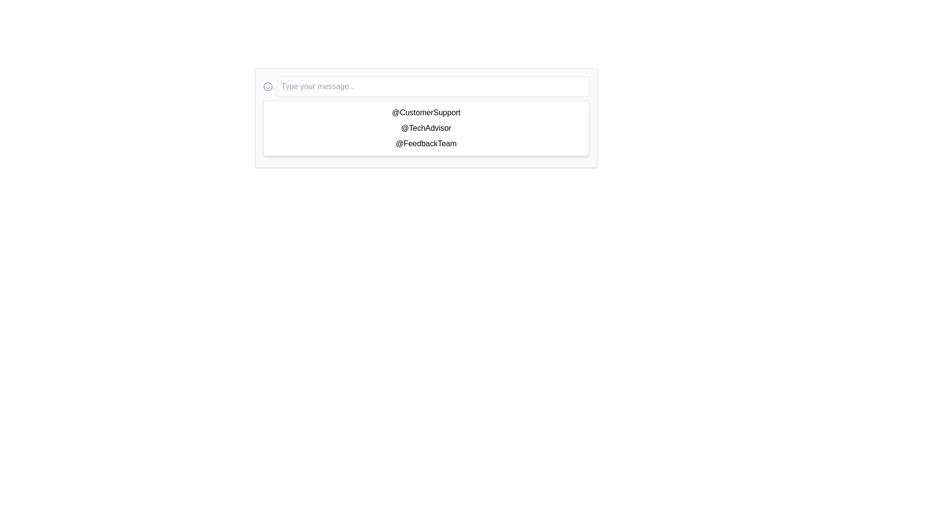 This screenshot has width=931, height=523. Describe the element at coordinates (426, 128) in the screenshot. I see `the text content element that consists of three lines of handle-style text prefixed with '@', which is visually centered on a white background` at that location.